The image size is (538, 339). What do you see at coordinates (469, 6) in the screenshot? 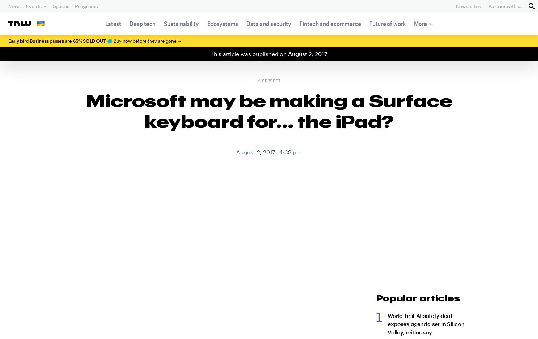
I see `'Newsletters'` at bounding box center [469, 6].